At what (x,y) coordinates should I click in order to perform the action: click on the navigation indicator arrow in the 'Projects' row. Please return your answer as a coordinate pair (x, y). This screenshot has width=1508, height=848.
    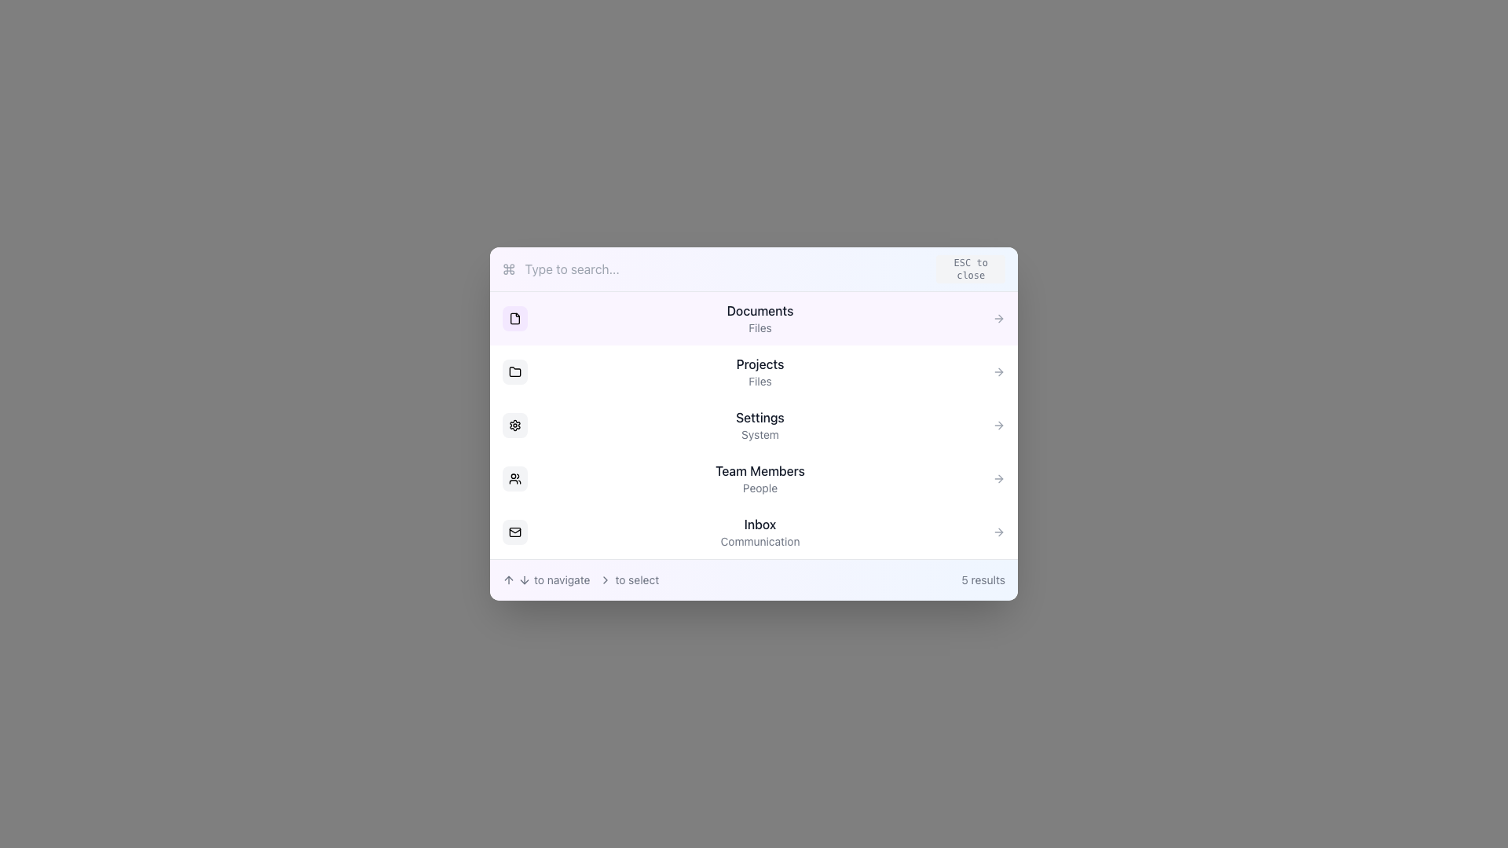
    Looking at the image, I should click on (1000, 372).